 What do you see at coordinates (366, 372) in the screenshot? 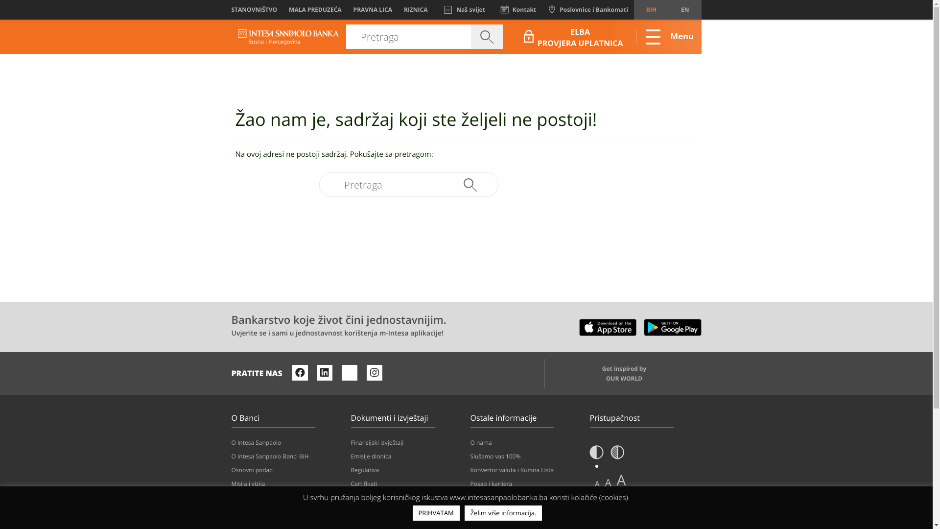
I see `'fa-instagram'` at bounding box center [366, 372].